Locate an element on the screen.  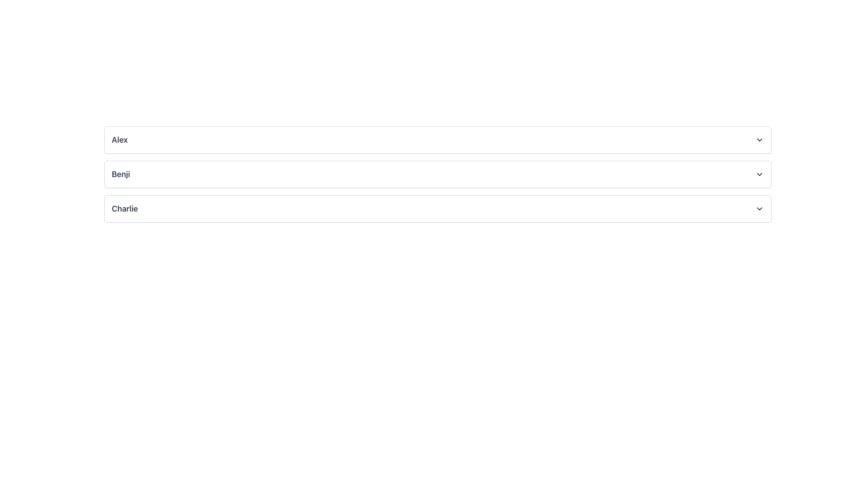
the downward-facing chevron icon on the right side of the row labeled 'Charlie' for visual feedback is located at coordinates (759, 209).